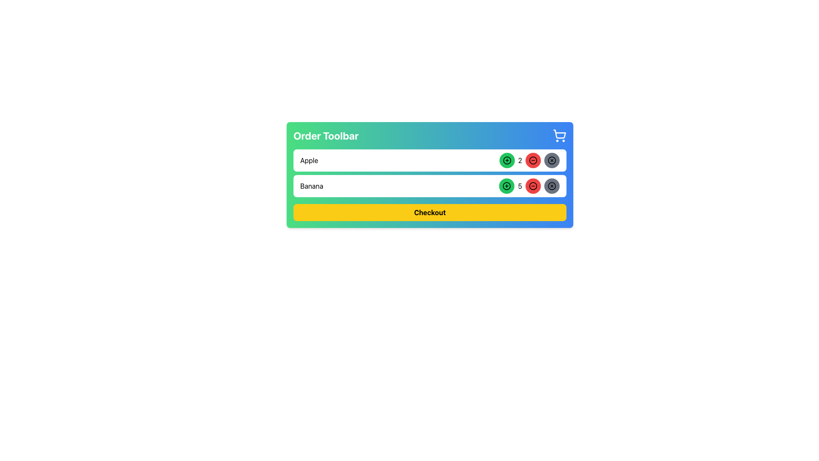 The height and width of the screenshot is (461, 819). What do you see at coordinates (430, 173) in the screenshot?
I see `the list item containing the text 'Apple2Banana5', which is the second item under the 'Order Toolbar' heading` at bounding box center [430, 173].